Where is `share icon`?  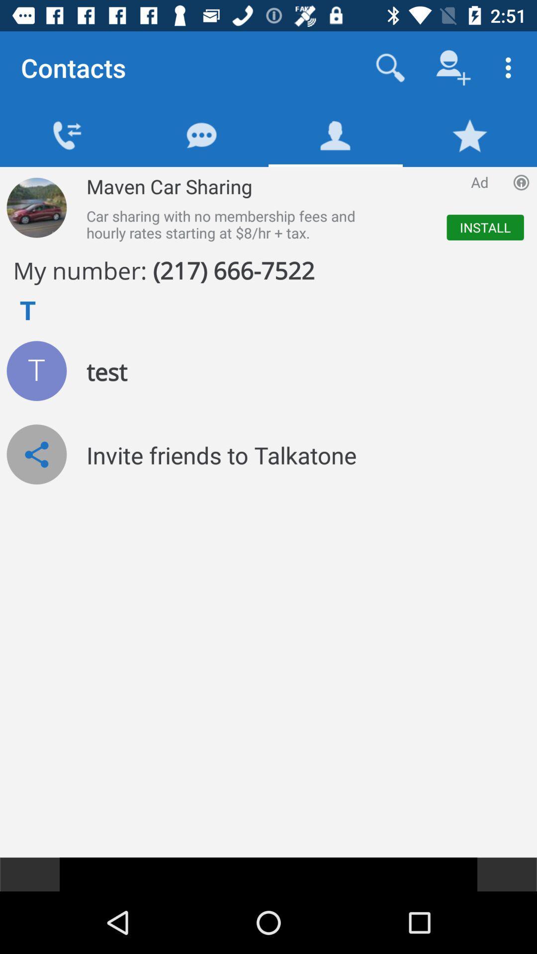 share icon is located at coordinates (36, 454).